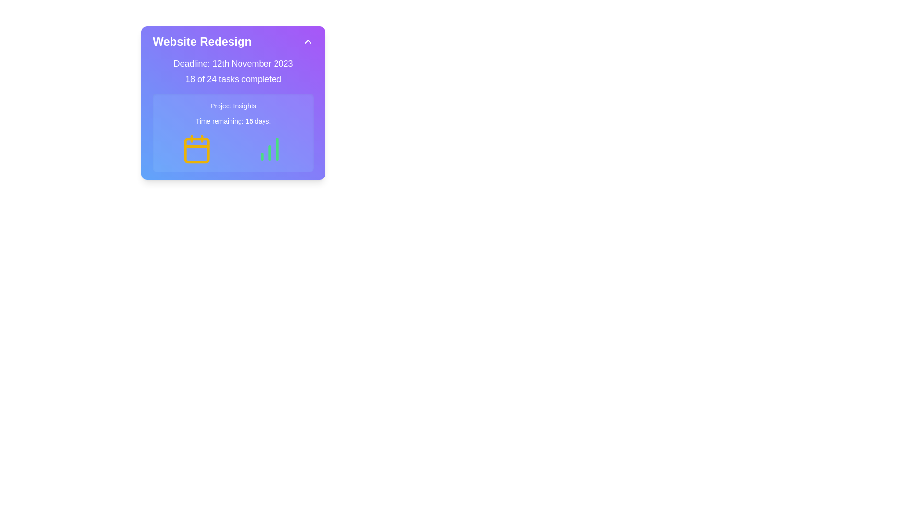  Describe the element at coordinates (233, 106) in the screenshot. I see `the title text element that provides contextual information, located centrally above the 'Time remaining: 15 days.' text` at that location.